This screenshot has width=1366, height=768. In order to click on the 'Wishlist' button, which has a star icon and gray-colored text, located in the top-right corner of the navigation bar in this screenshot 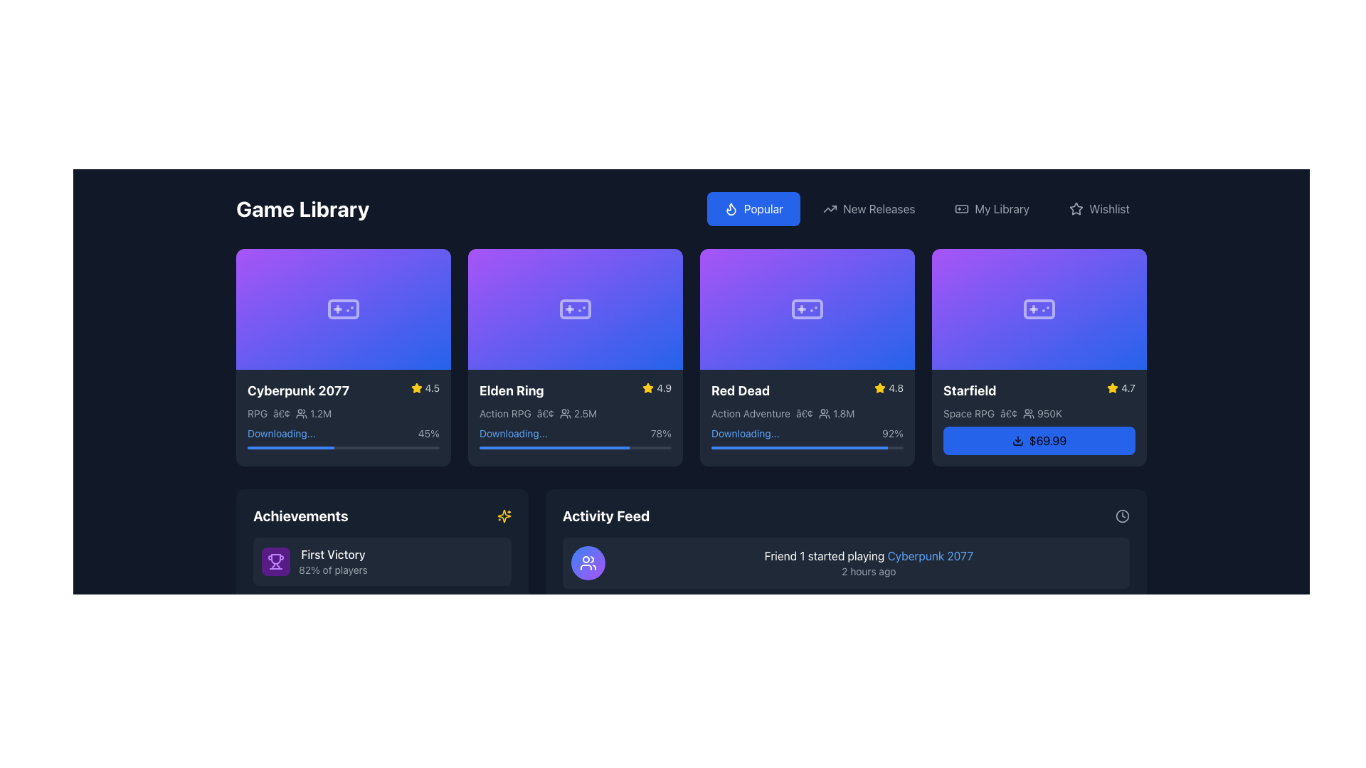, I will do `click(1098, 208)`.